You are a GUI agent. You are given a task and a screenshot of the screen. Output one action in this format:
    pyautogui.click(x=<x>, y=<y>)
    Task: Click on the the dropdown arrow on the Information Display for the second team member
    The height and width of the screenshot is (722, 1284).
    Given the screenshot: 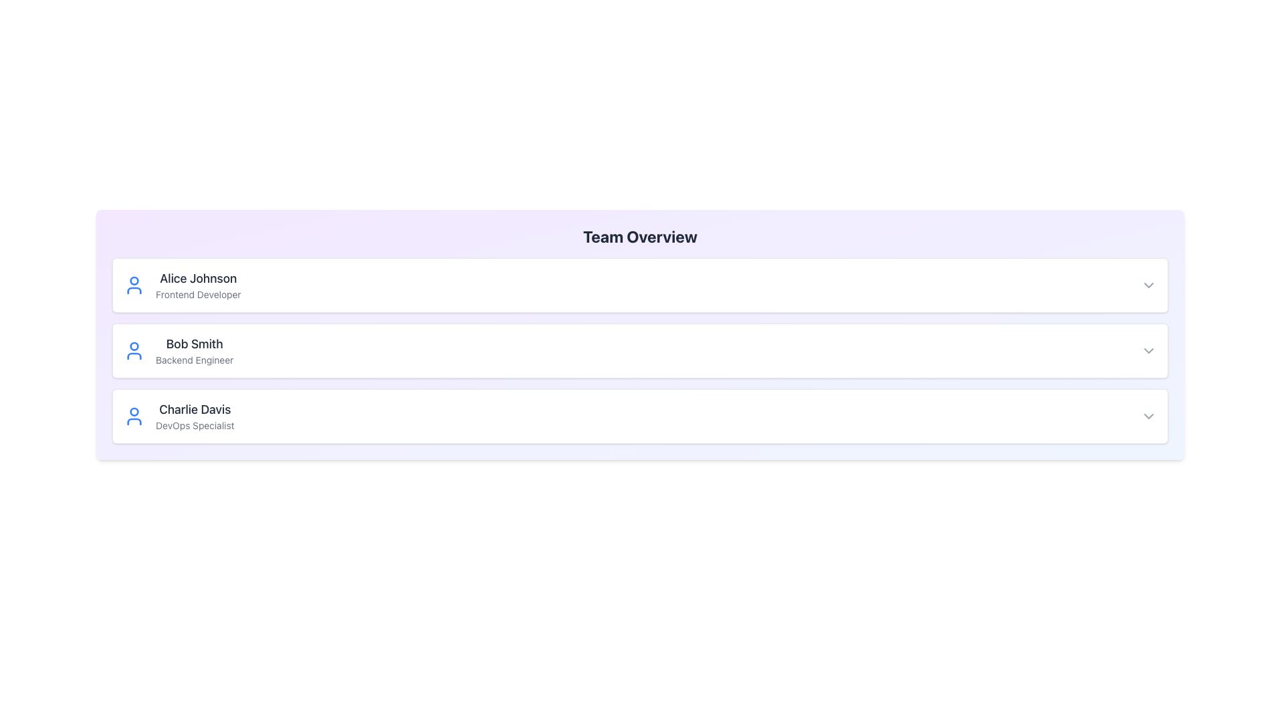 What is the action you would take?
    pyautogui.click(x=639, y=350)
    